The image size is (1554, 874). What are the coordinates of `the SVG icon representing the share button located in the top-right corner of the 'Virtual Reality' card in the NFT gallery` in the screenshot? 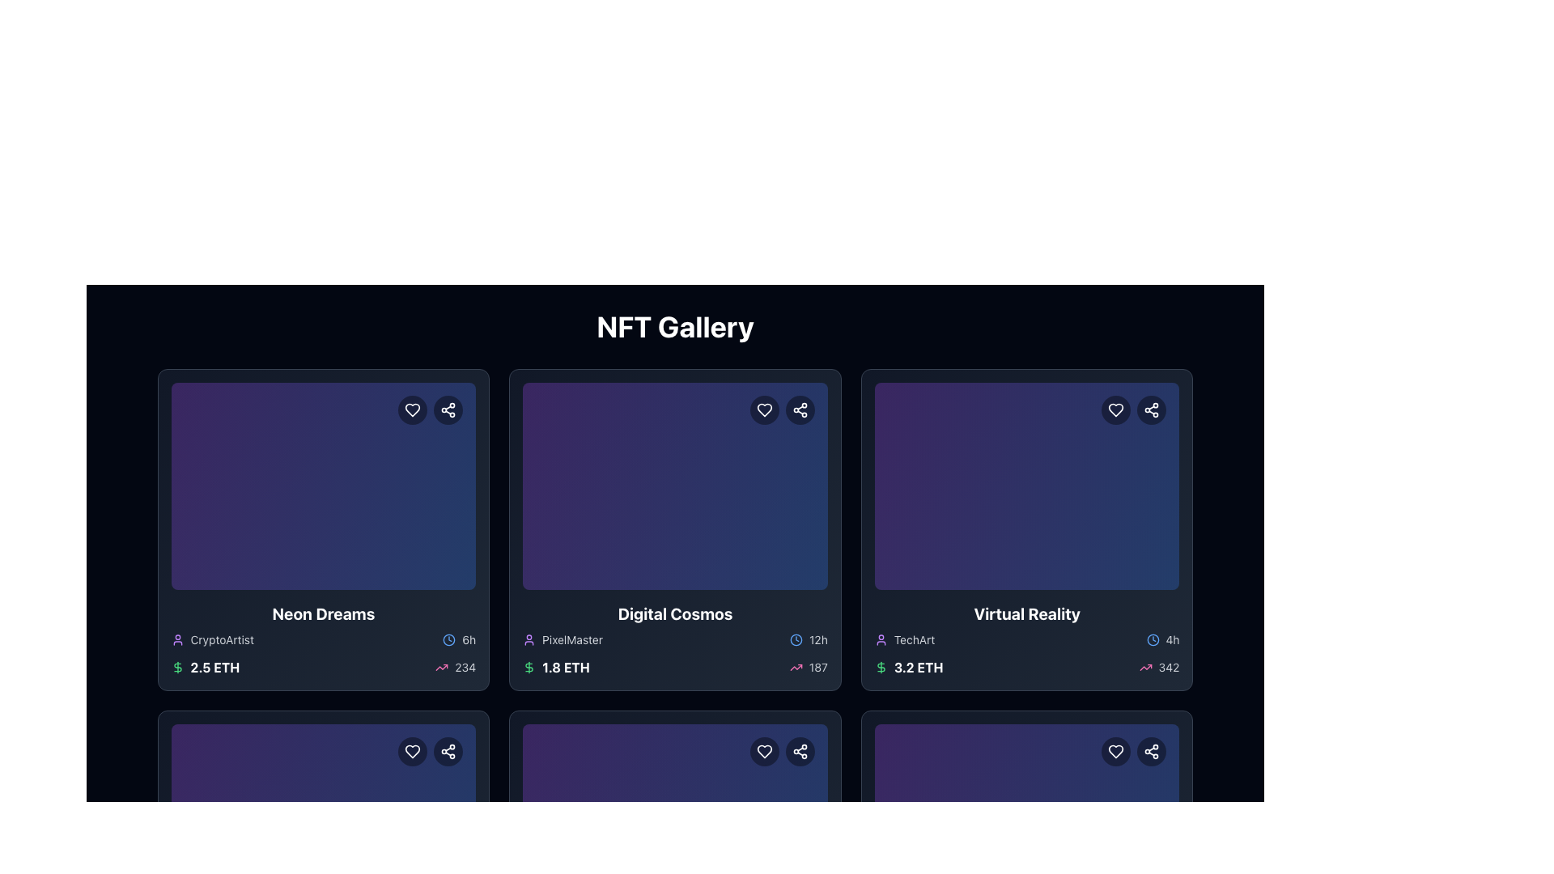 It's located at (1151, 409).